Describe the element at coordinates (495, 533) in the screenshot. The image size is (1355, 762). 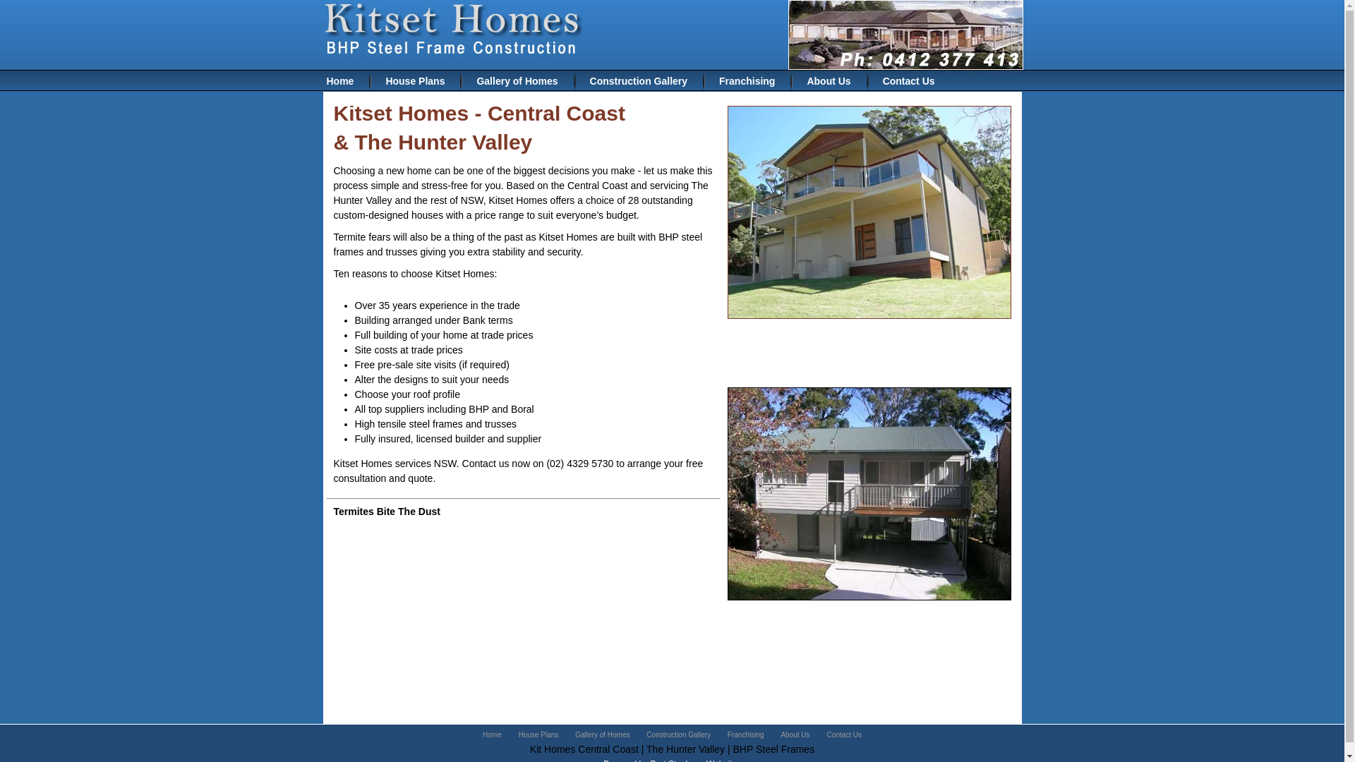
I see `'how to choose cbd hemp oil for sale'` at that location.